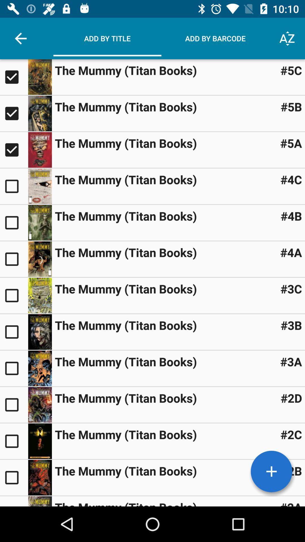 This screenshot has width=305, height=542. What do you see at coordinates (14, 405) in the screenshot?
I see `title` at bounding box center [14, 405].